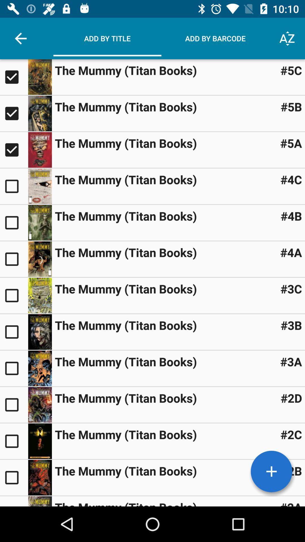 This screenshot has width=305, height=542. What do you see at coordinates (14, 405) in the screenshot?
I see `title` at bounding box center [14, 405].